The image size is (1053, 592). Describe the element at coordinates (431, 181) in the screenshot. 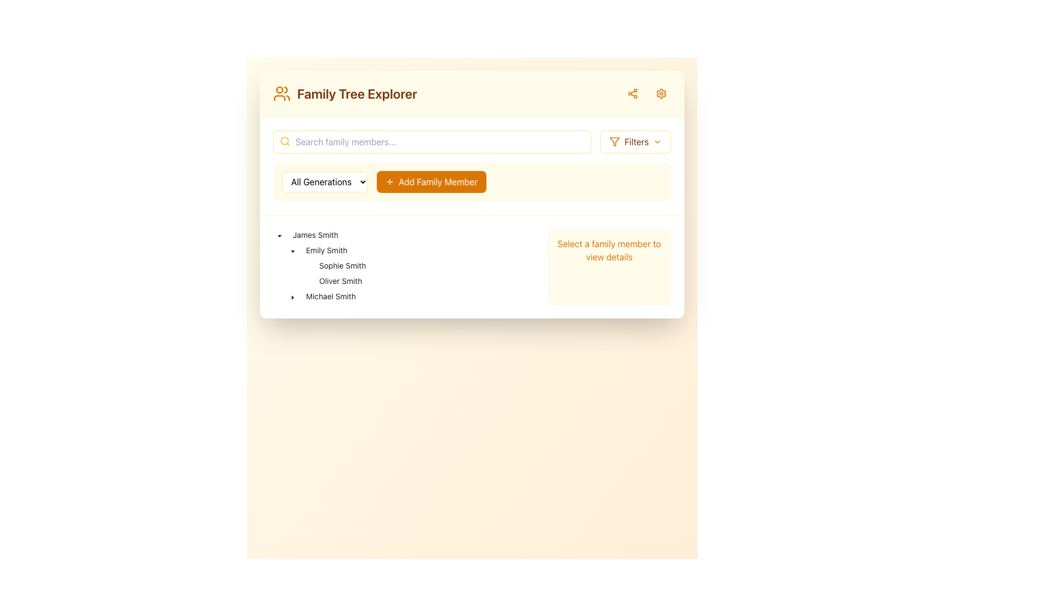

I see `the rectangular button with a bright amber background and white text that says 'Add Family Member' to initiate the process of adding a family member` at that location.